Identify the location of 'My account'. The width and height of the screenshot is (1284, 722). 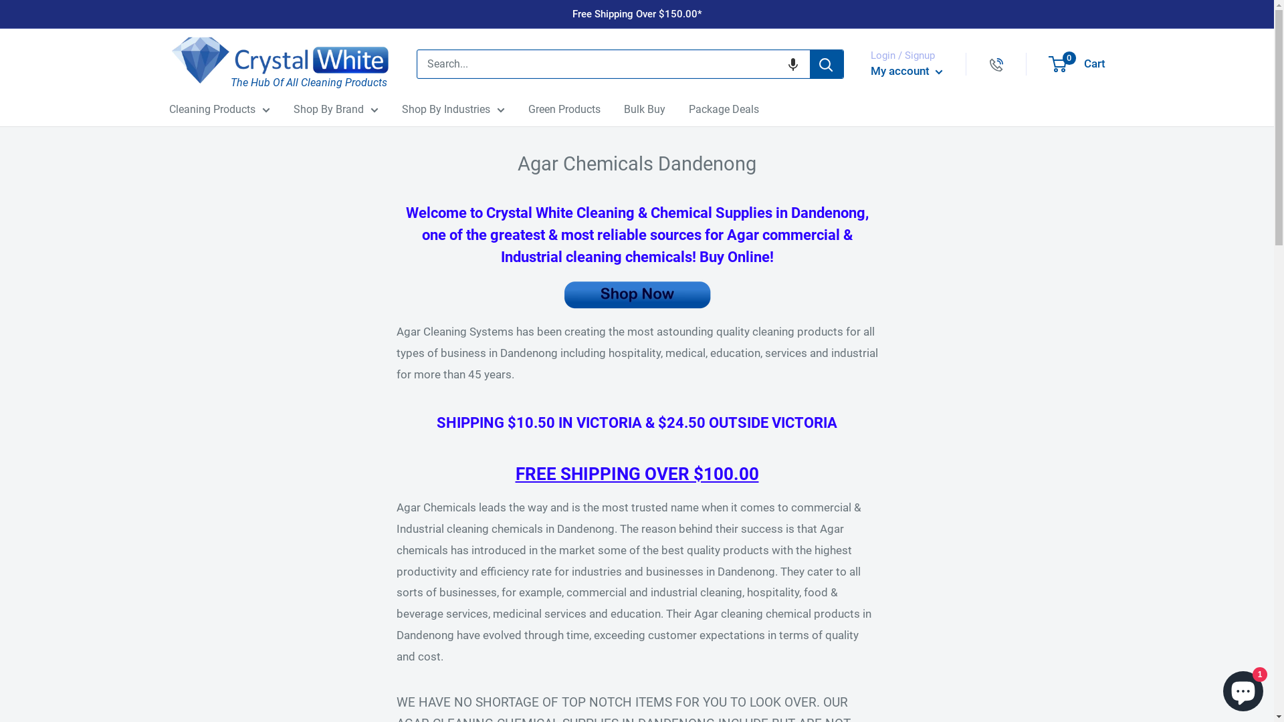
(907, 72).